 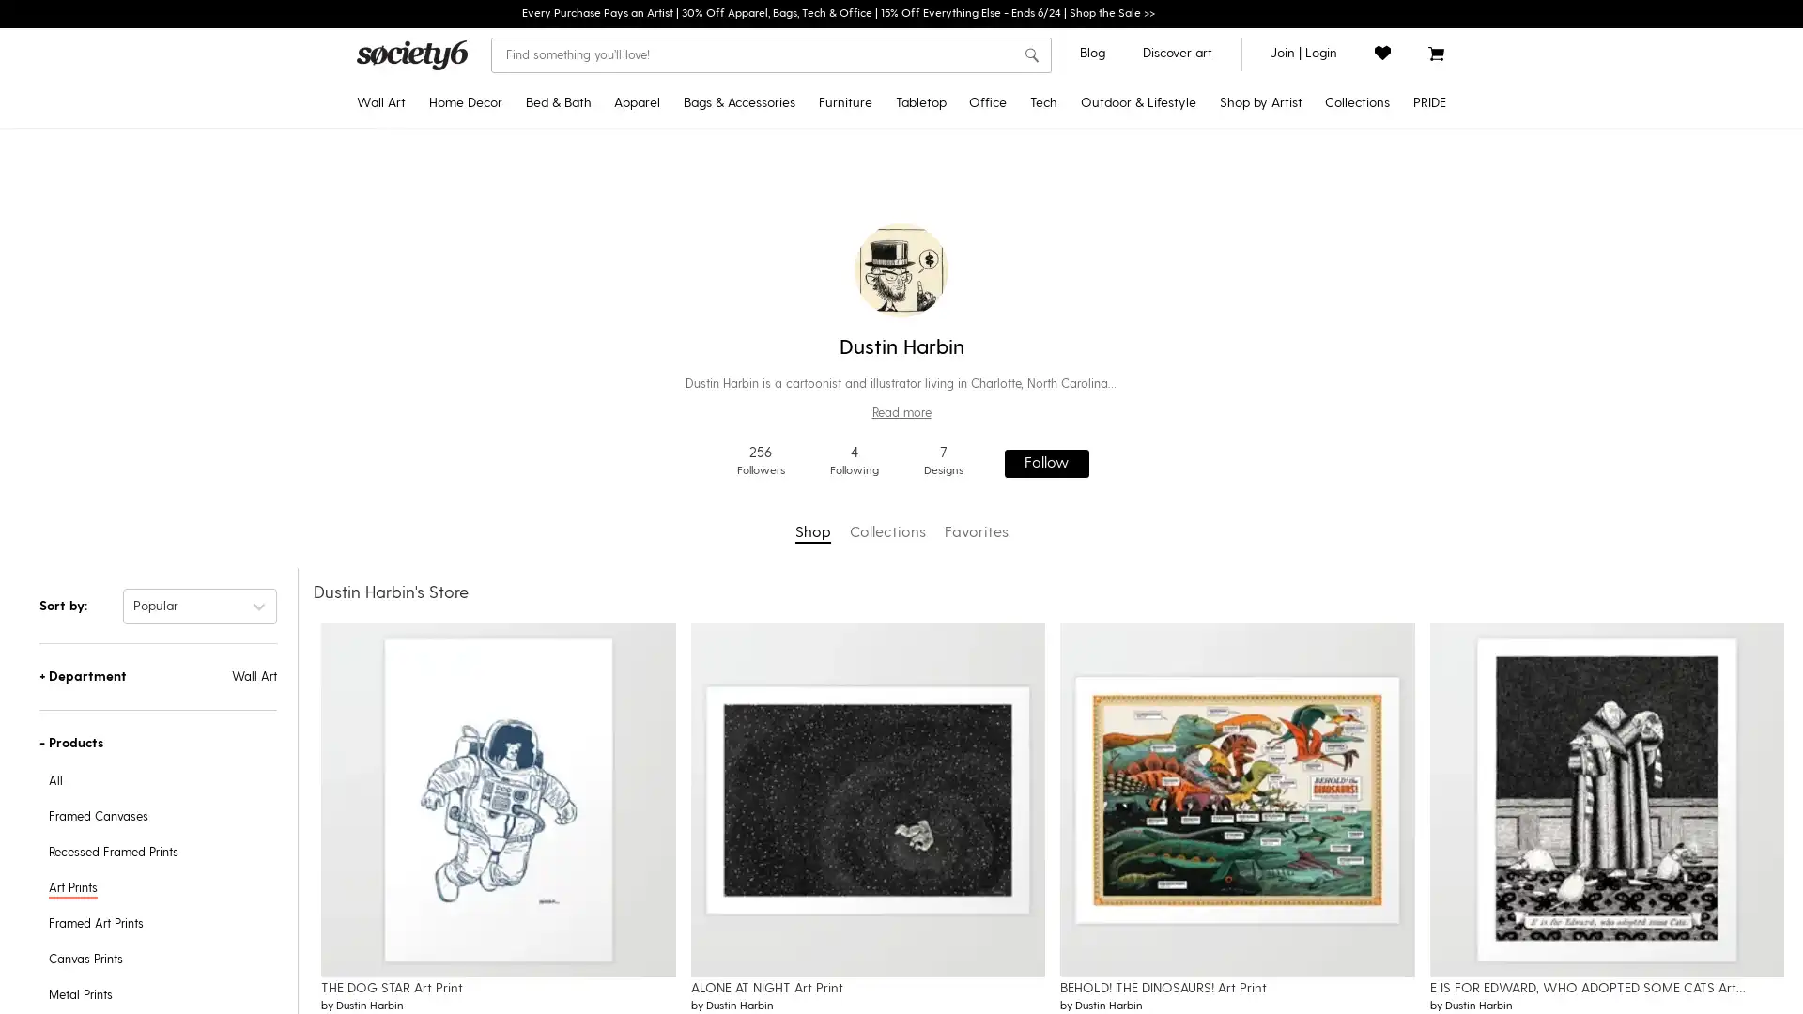 What do you see at coordinates (877, 271) in the screenshot?
I see `Side Tables` at bounding box center [877, 271].